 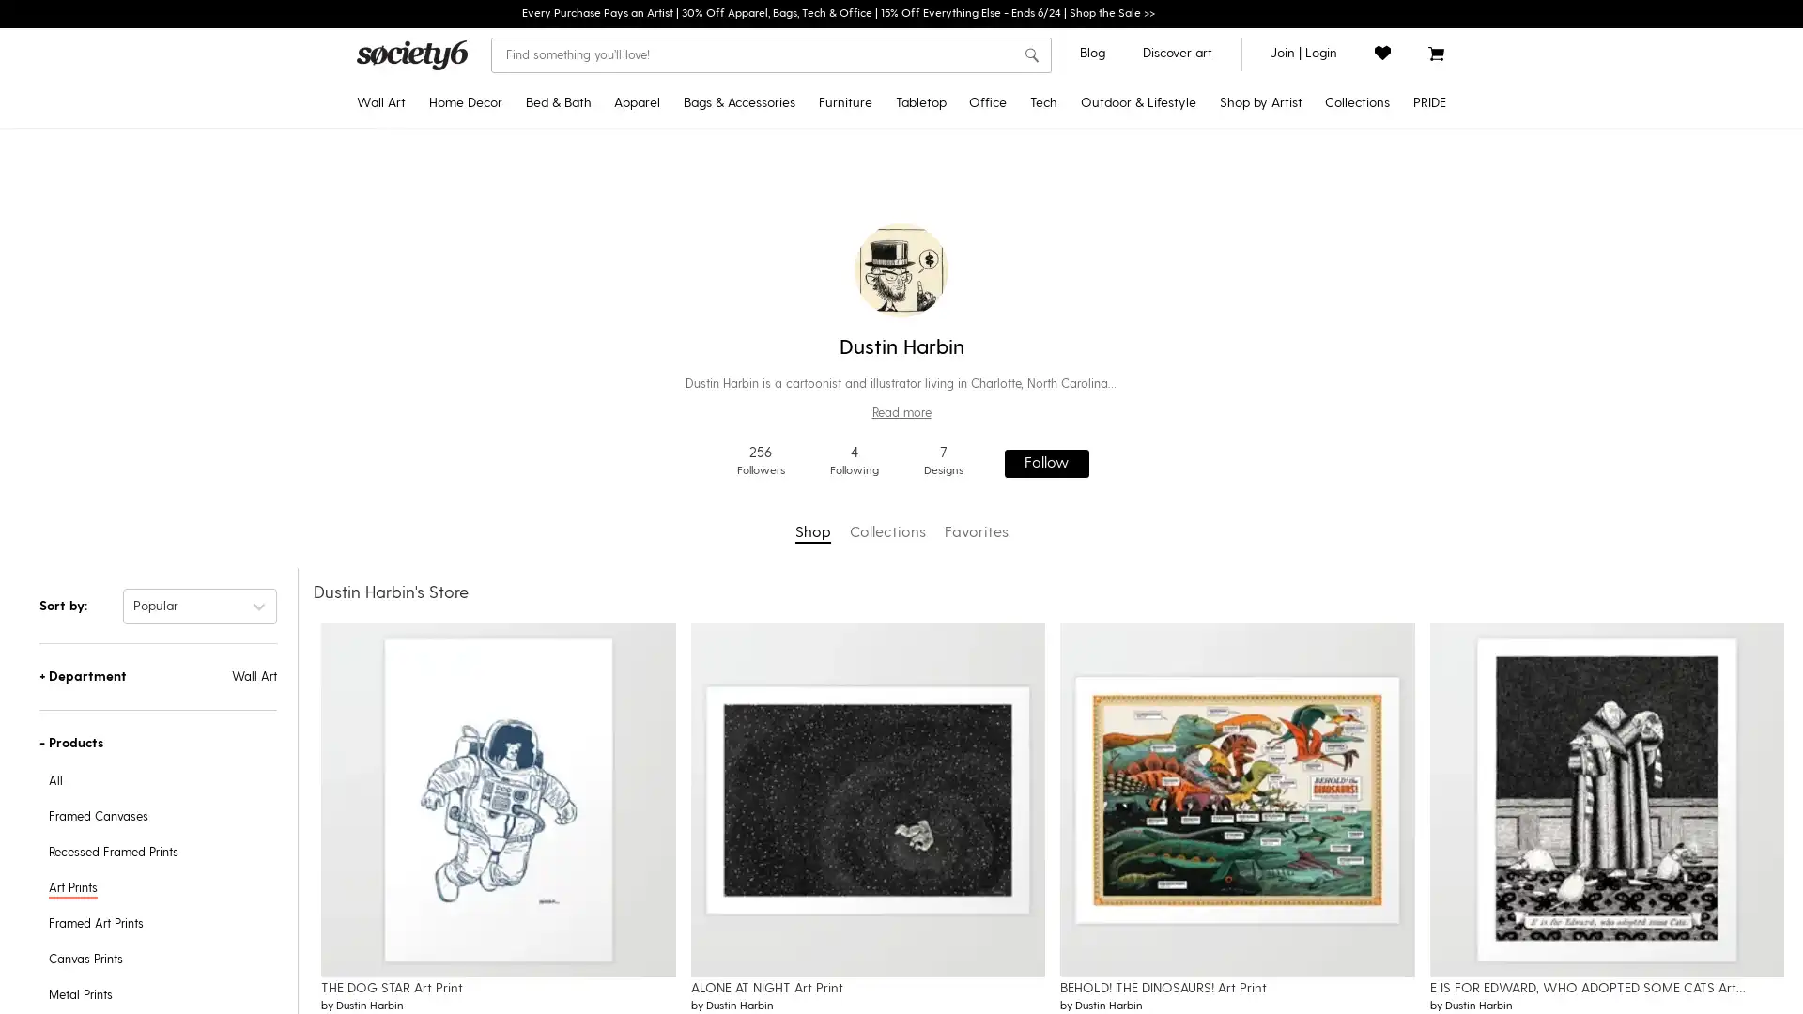 What do you see at coordinates (877, 271) in the screenshot?
I see `Side Tables` at bounding box center [877, 271].